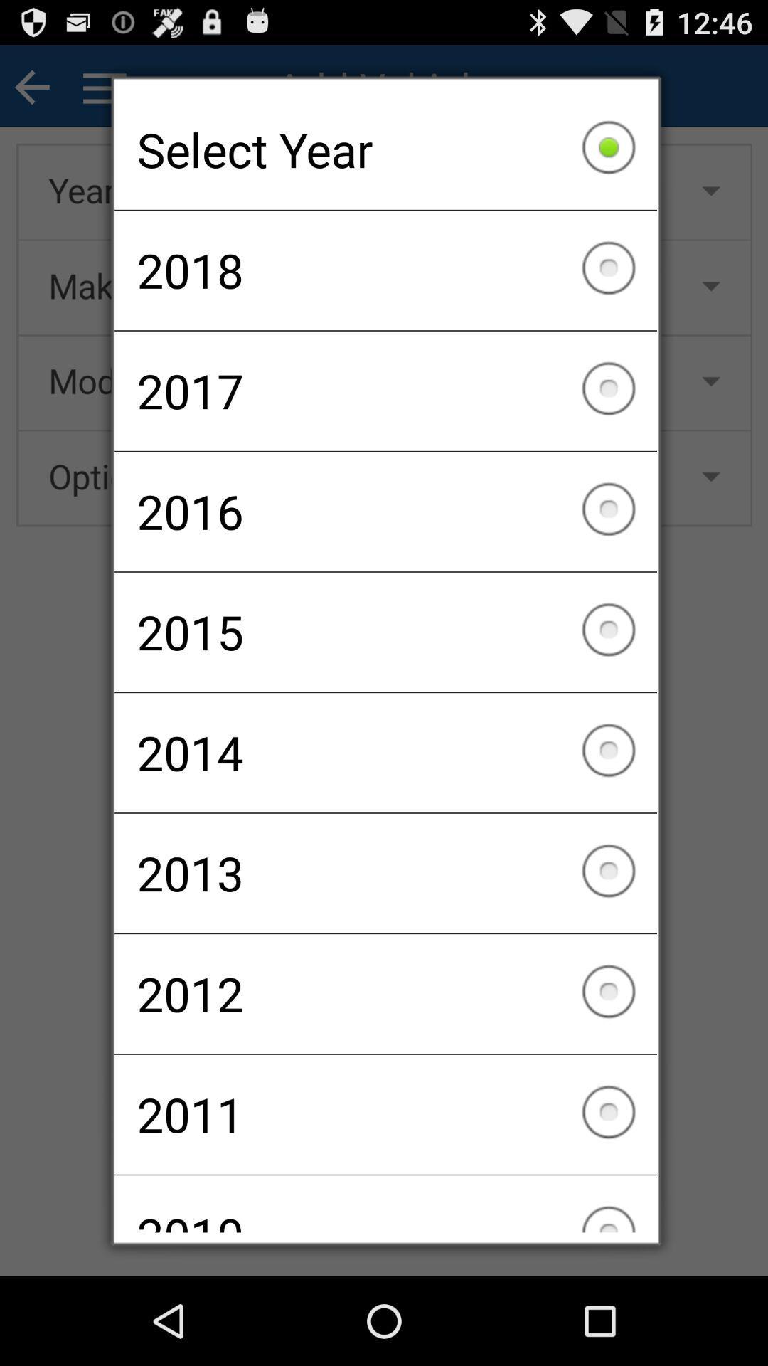  I want to click on the icon above 2017 checkbox, so click(385, 270).